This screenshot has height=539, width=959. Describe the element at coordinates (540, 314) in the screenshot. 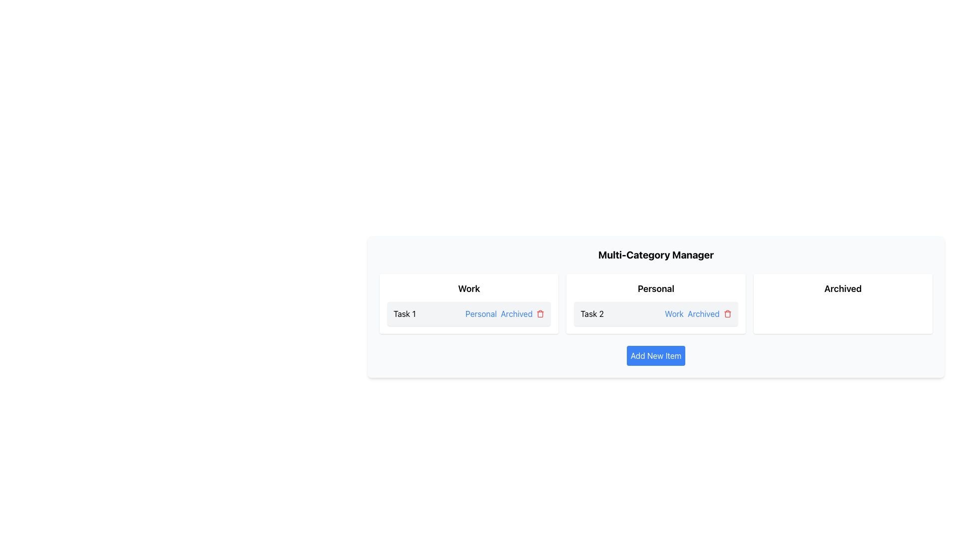

I see `the trash can icon, which is part of the task actions inline elements located to the right of the 'Archived' text in the second task of the 'Personal' category` at that location.